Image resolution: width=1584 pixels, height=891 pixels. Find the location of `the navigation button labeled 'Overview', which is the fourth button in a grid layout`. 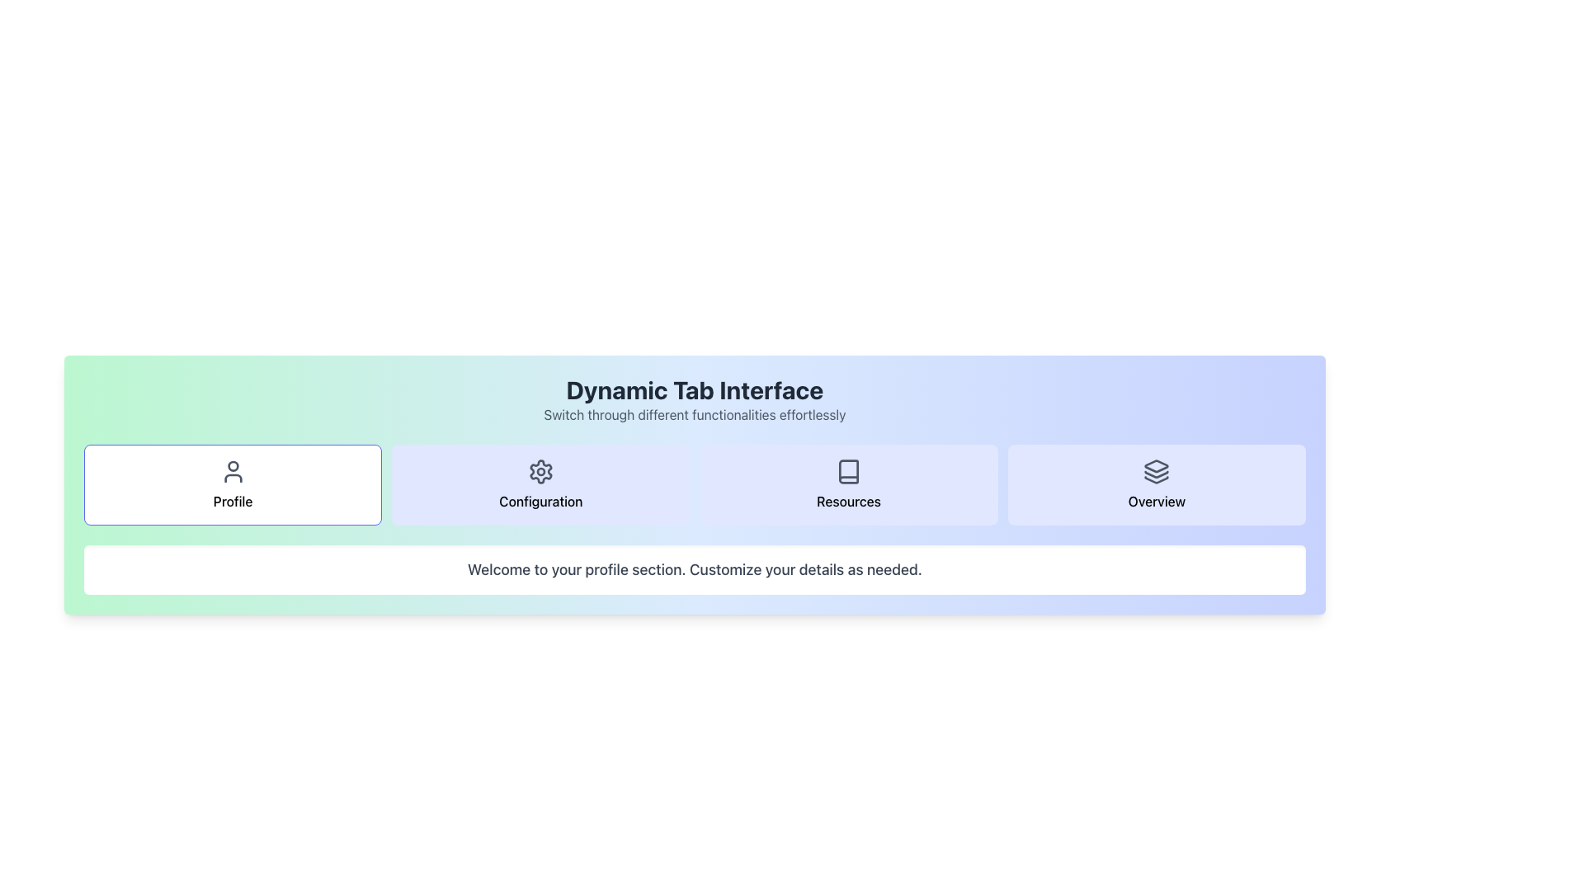

the navigation button labeled 'Overview', which is the fourth button in a grid layout is located at coordinates (1156, 483).